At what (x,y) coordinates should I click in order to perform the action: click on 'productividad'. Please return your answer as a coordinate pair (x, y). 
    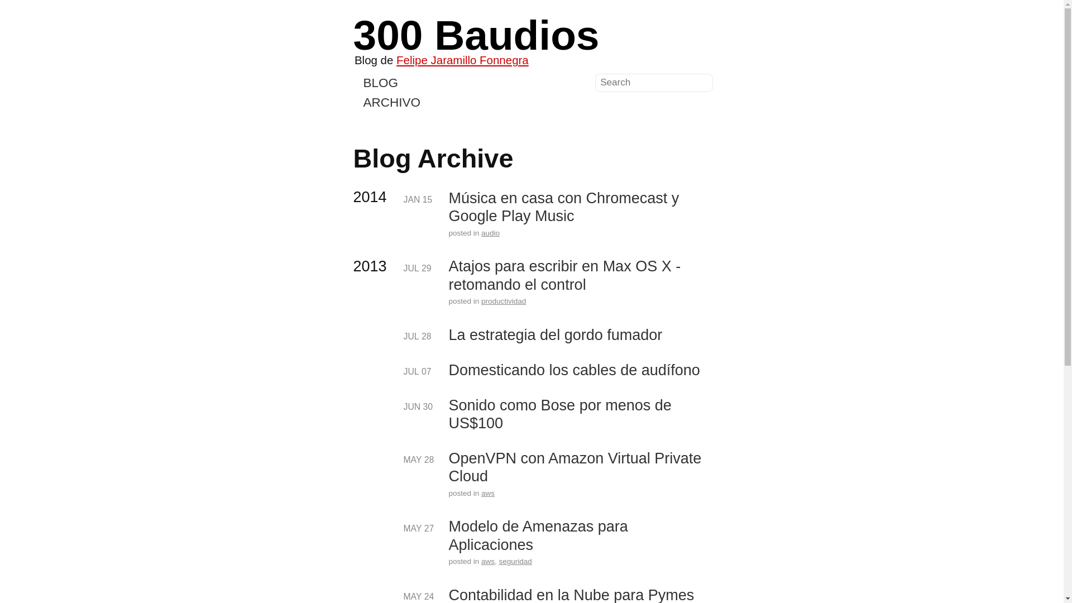
    Looking at the image, I should click on (503, 300).